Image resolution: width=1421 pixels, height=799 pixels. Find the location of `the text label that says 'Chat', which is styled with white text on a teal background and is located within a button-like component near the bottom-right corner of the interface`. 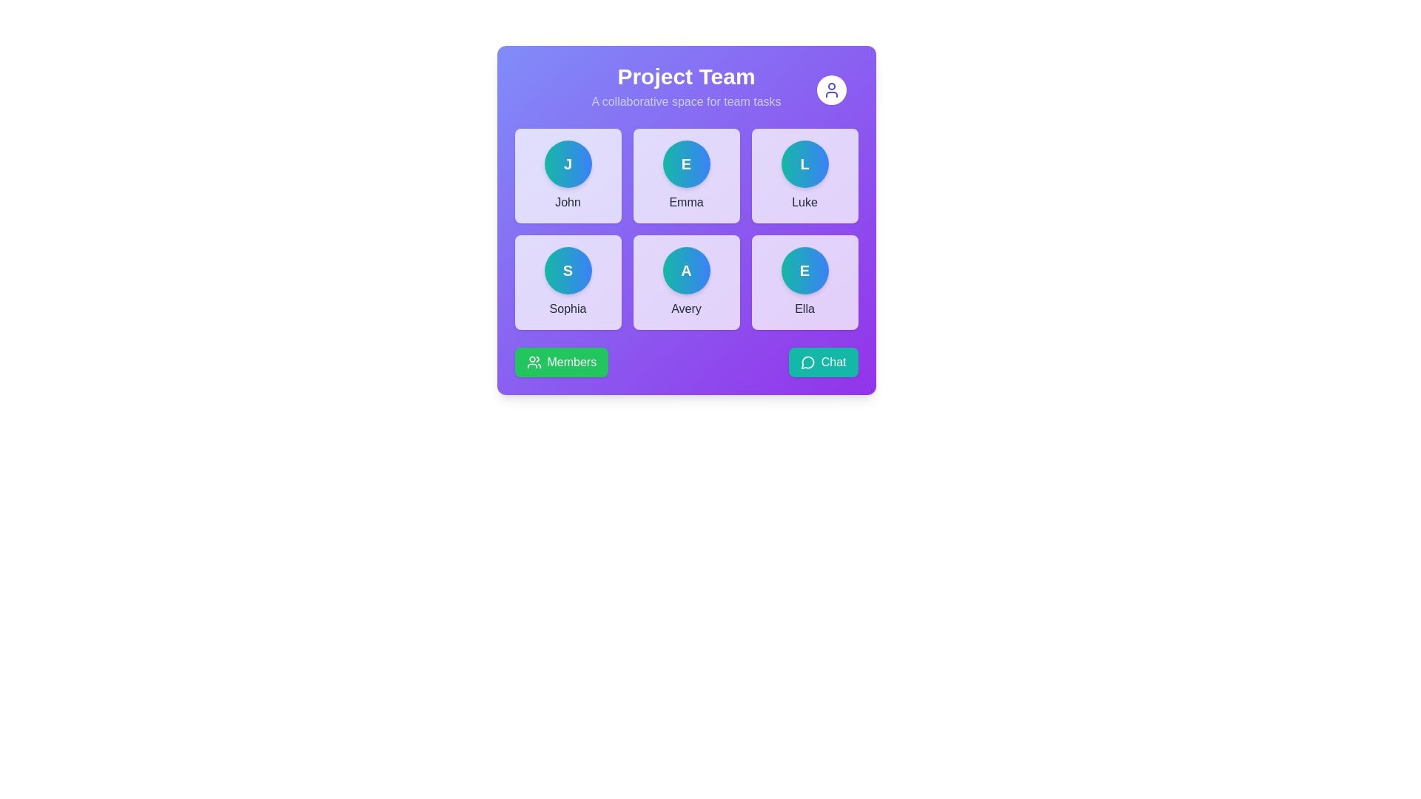

the text label that says 'Chat', which is styled with white text on a teal background and is located within a button-like component near the bottom-right corner of the interface is located at coordinates (833, 362).